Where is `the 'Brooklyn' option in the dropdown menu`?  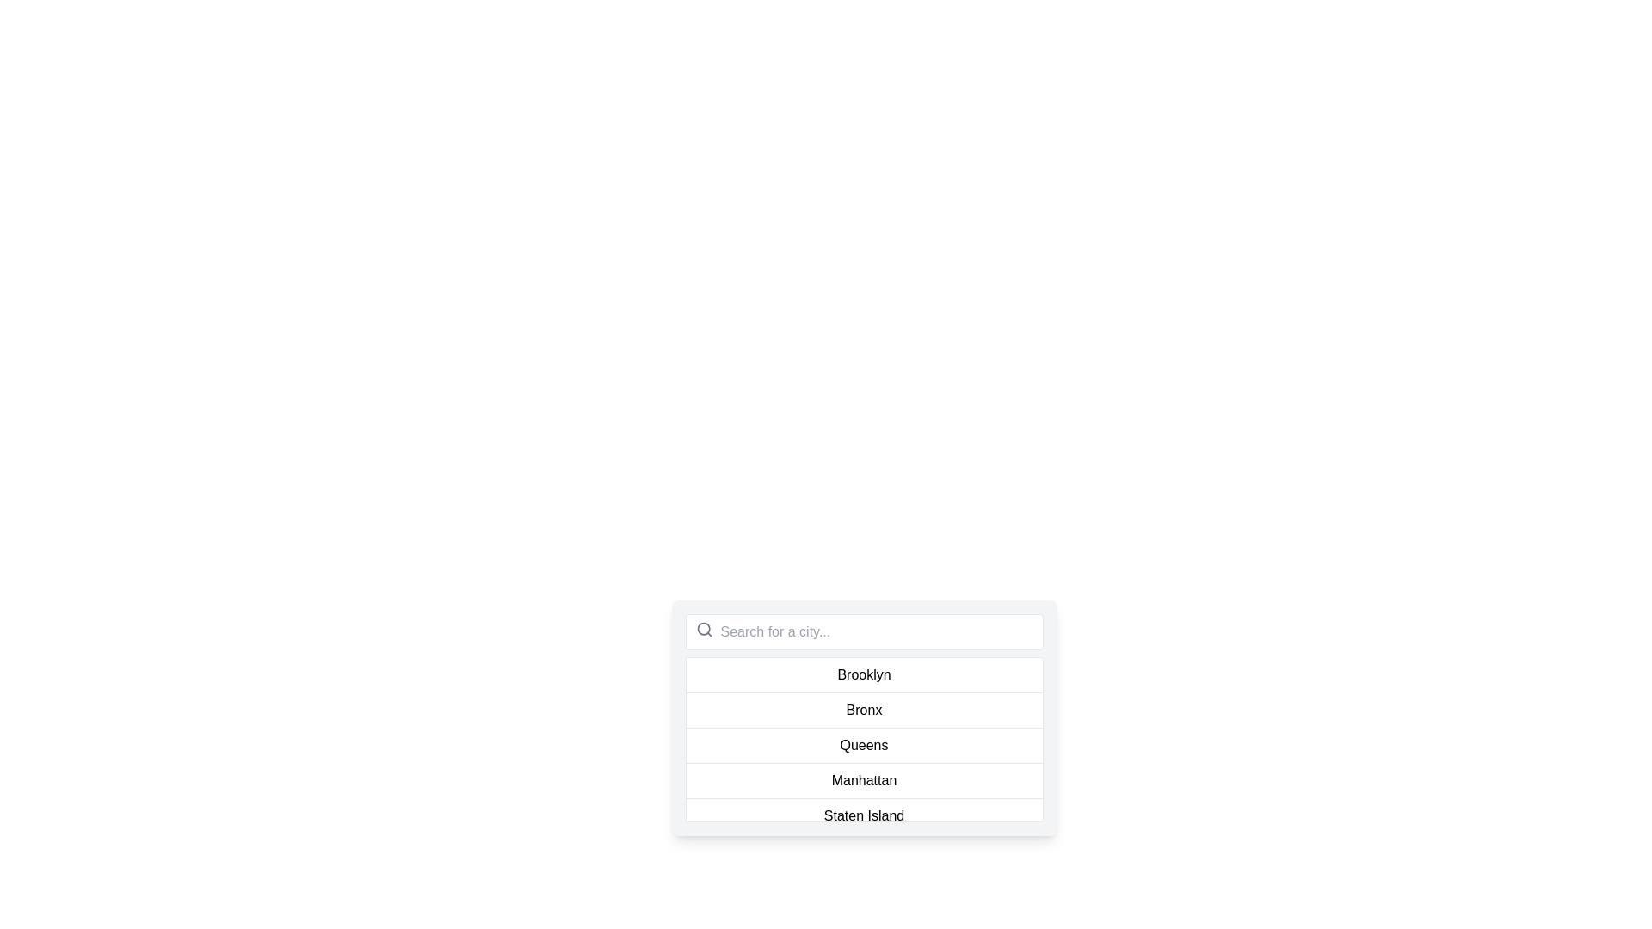
the 'Brooklyn' option in the dropdown menu is located at coordinates (864, 674).